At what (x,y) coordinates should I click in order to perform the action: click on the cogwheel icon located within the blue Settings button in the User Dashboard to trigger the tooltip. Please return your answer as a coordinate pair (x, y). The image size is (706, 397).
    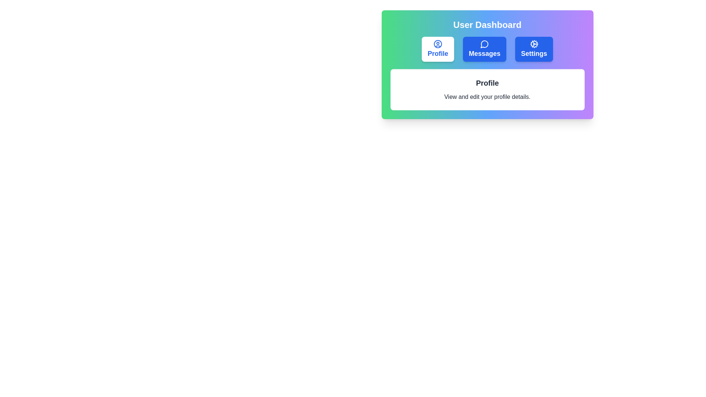
    Looking at the image, I should click on (534, 44).